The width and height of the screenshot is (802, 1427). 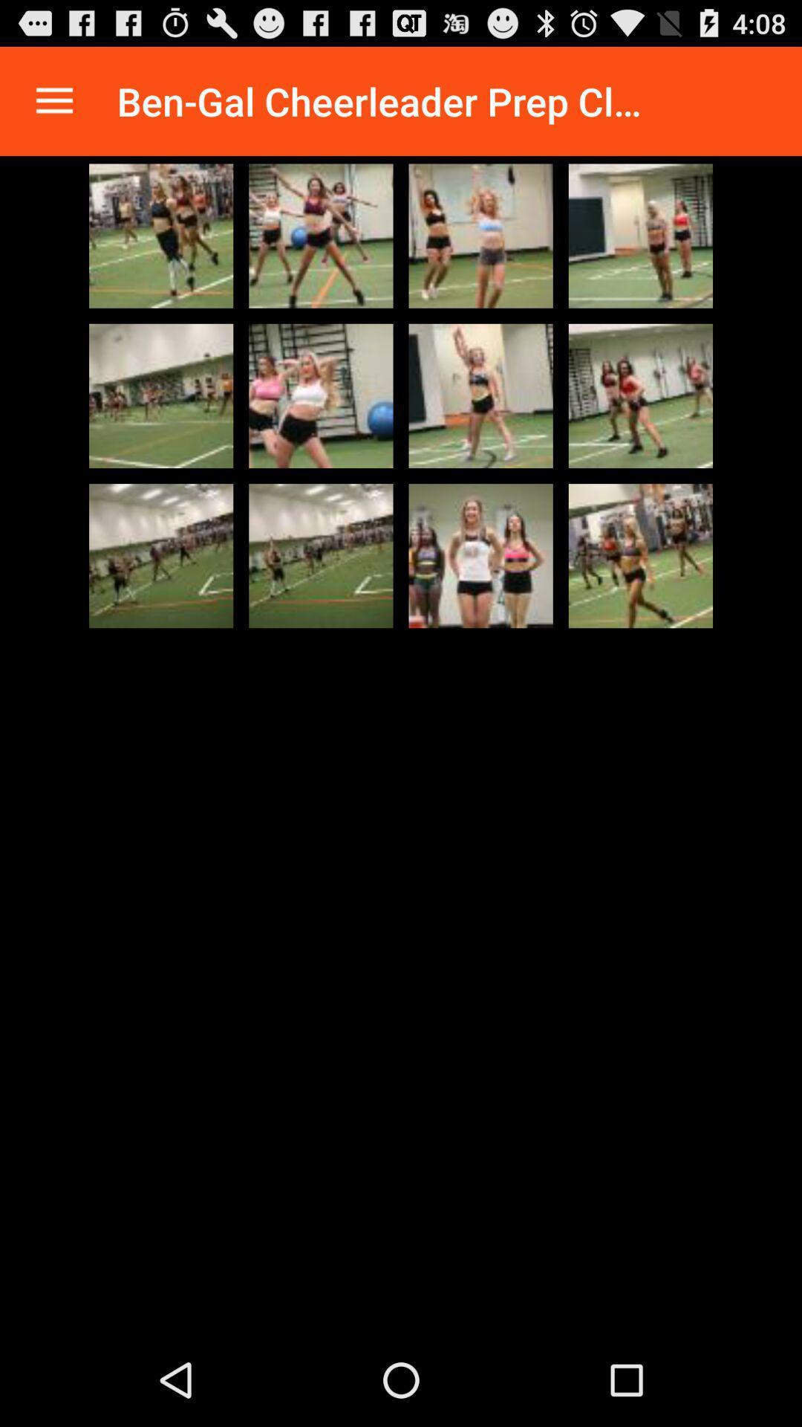 What do you see at coordinates (320, 555) in the screenshot?
I see `video selected` at bounding box center [320, 555].